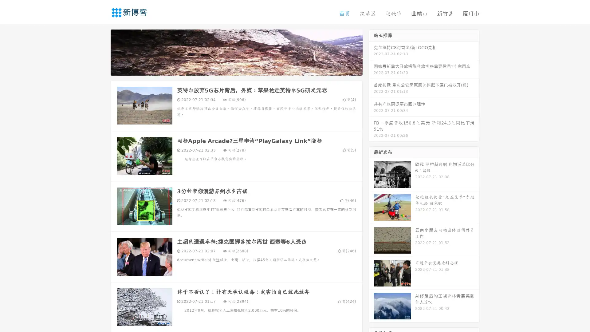 This screenshot has width=590, height=332. What do you see at coordinates (230, 69) in the screenshot?
I see `Go to slide 1` at bounding box center [230, 69].